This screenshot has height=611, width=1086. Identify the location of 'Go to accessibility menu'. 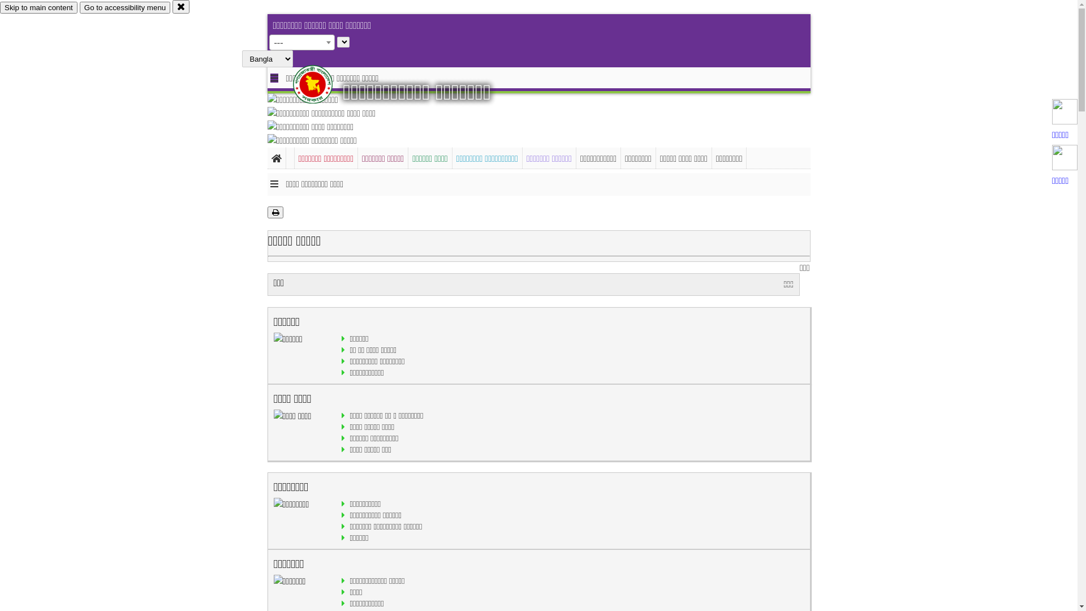
(124, 7).